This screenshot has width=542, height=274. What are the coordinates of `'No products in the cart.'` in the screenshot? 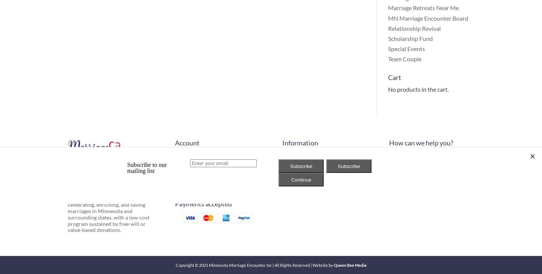 It's located at (417, 89).